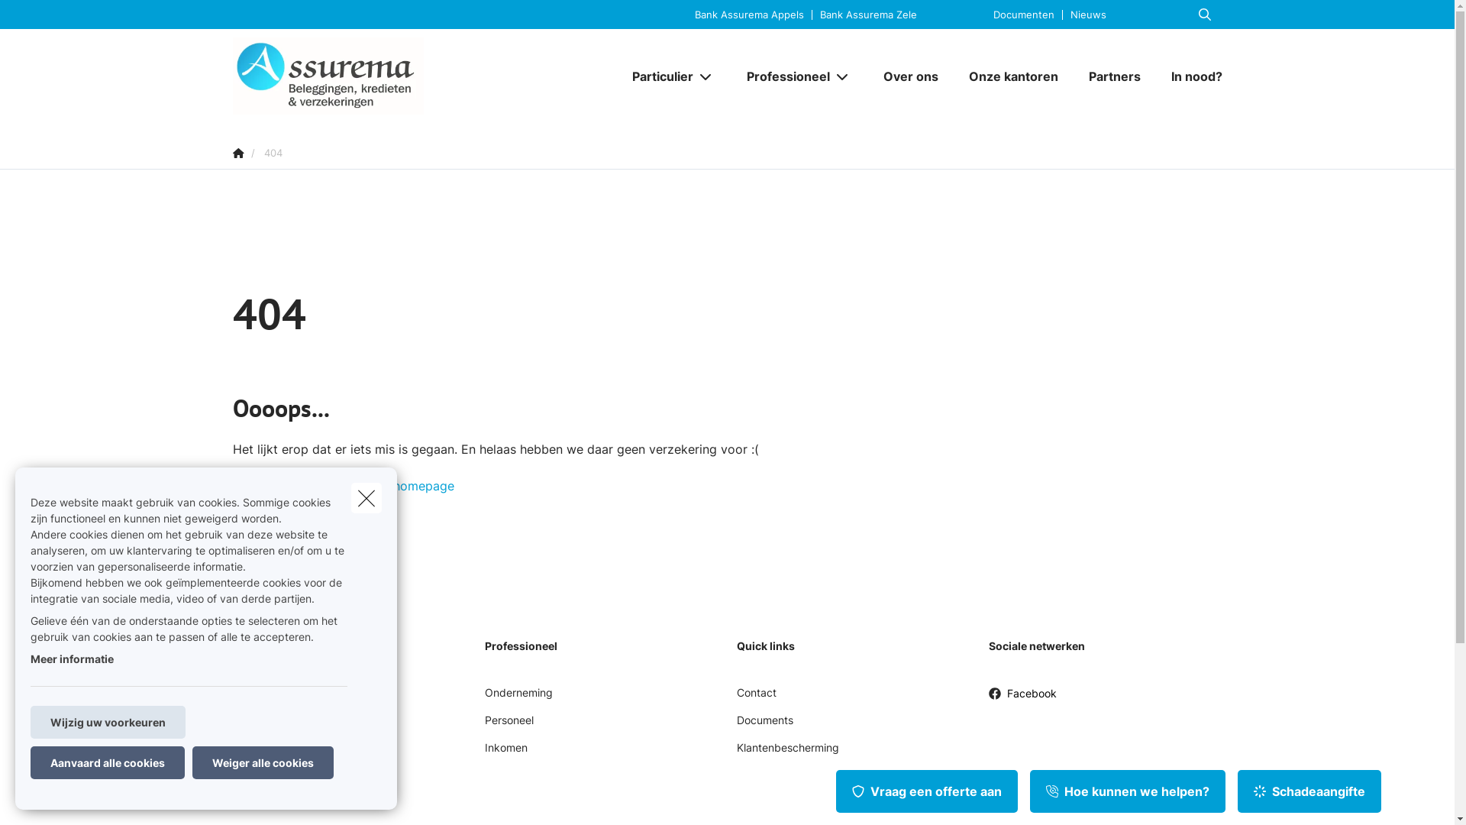  Describe the element at coordinates (263, 762) in the screenshot. I see `'Weiger alle cookies'` at that location.